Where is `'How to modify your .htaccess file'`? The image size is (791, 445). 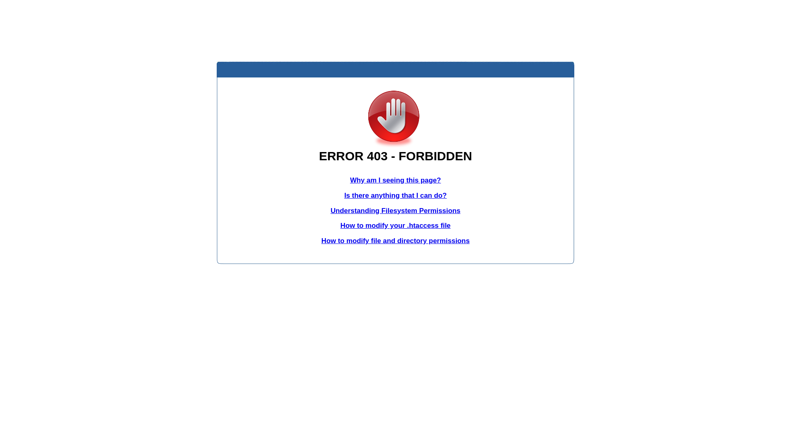
'How to modify your .htaccess file' is located at coordinates (340, 225).